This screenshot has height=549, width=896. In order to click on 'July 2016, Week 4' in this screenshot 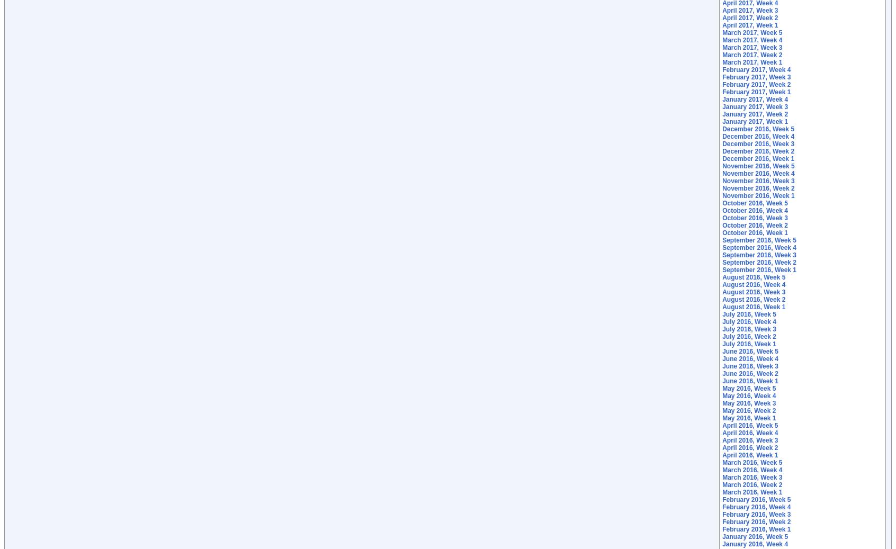, I will do `click(749, 321)`.